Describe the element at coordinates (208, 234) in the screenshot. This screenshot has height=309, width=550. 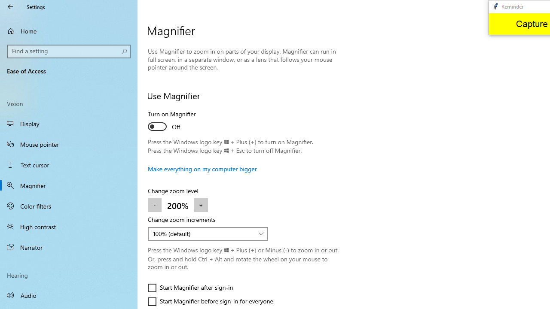
I see `'Change zoom increments'` at that location.